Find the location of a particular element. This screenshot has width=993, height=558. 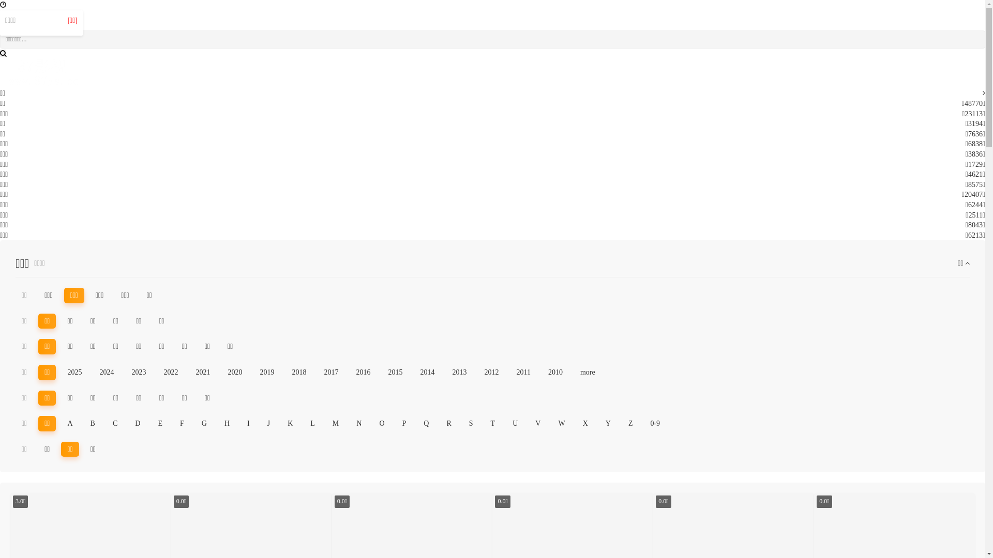

'2024' is located at coordinates (107, 373).